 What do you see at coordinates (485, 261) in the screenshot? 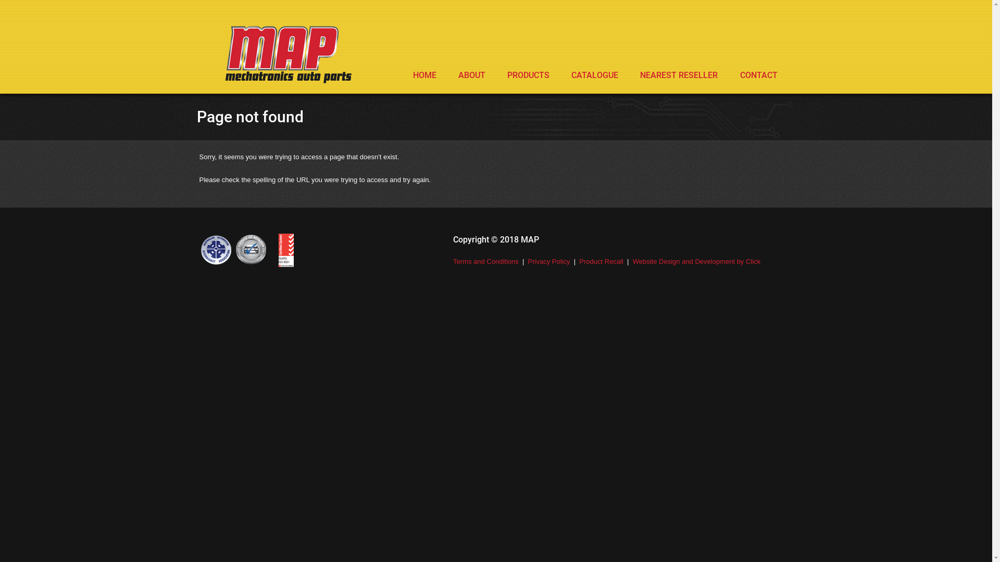
I see `'Terms and Conditions'` at bounding box center [485, 261].